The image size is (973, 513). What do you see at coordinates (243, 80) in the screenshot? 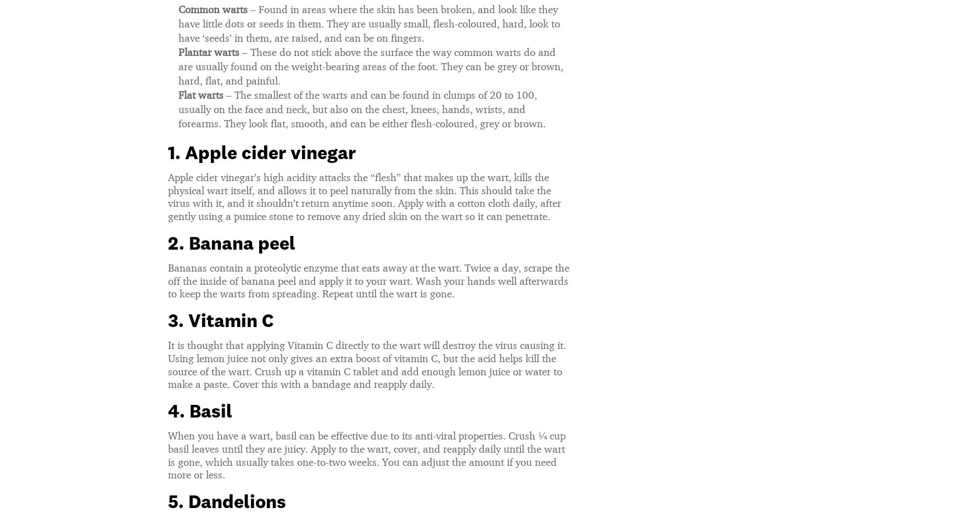
I see `'A Diet To Help Us Live Longer? Yes, Please.'` at bounding box center [243, 80].